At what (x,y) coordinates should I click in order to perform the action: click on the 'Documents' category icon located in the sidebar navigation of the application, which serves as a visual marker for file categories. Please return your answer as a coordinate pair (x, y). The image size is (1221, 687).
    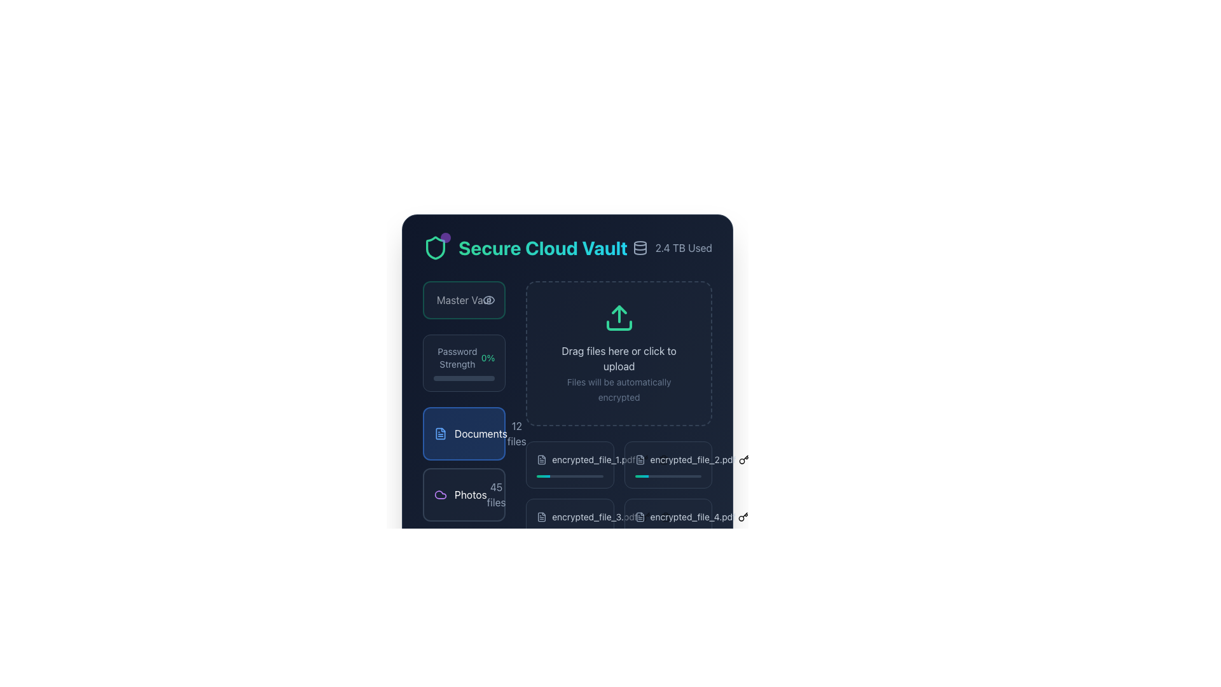
    Looking at the image, I should click on (542, 517).